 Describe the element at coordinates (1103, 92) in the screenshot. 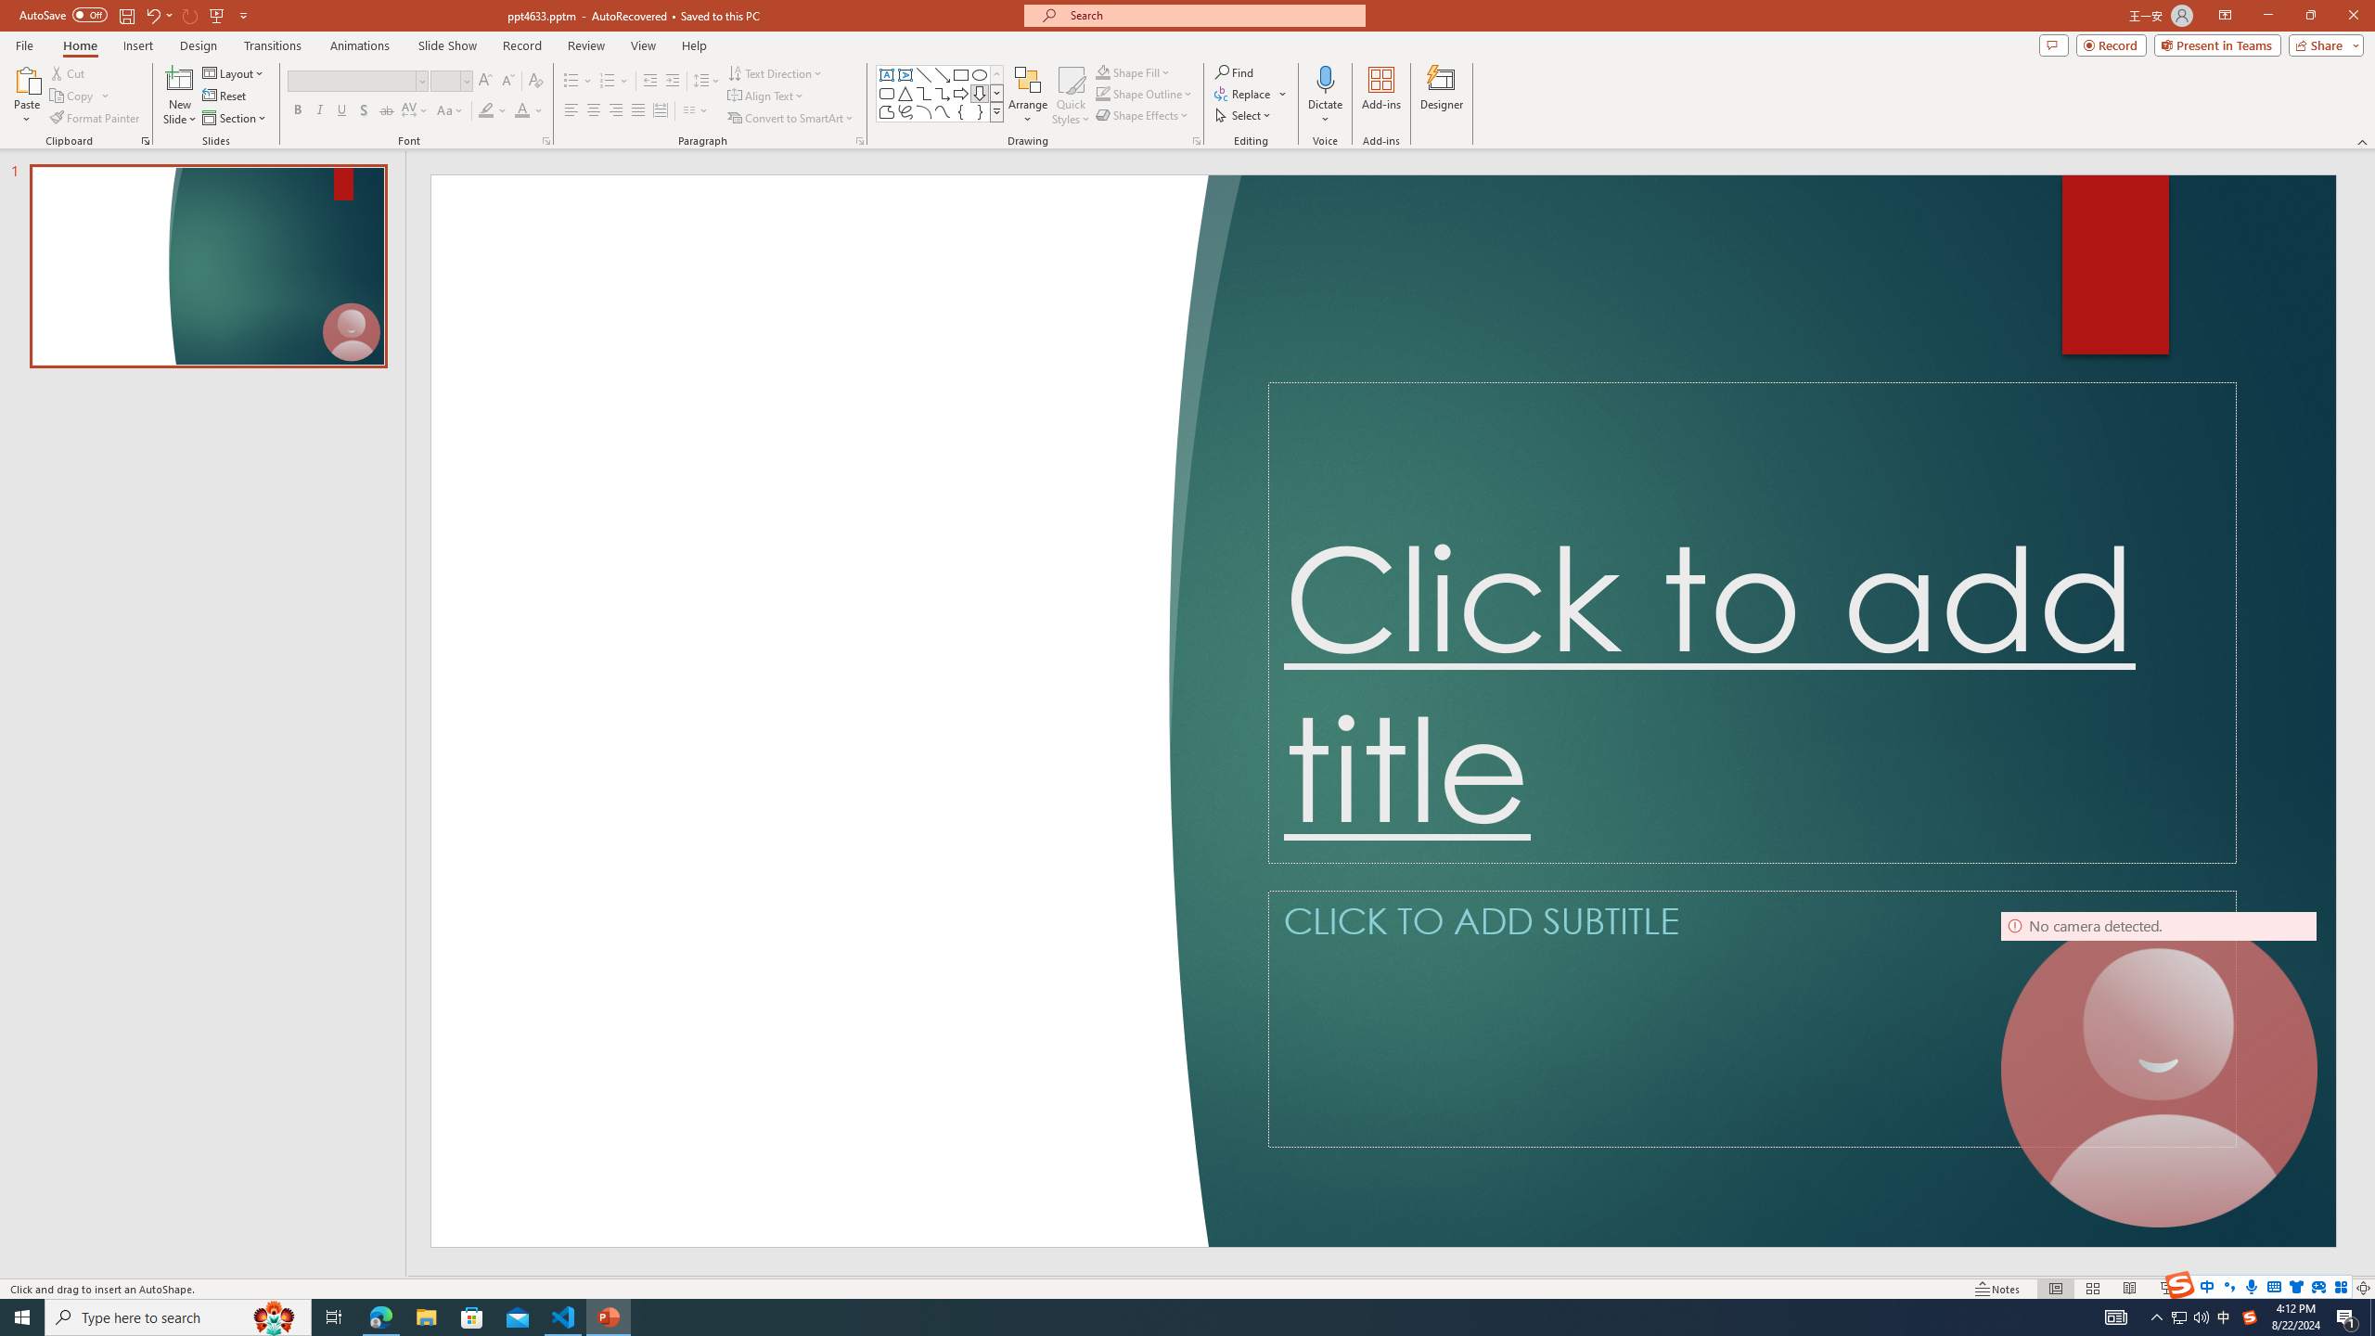

I see `'Shape Outline Dark Red, Accent 1'` at that location.